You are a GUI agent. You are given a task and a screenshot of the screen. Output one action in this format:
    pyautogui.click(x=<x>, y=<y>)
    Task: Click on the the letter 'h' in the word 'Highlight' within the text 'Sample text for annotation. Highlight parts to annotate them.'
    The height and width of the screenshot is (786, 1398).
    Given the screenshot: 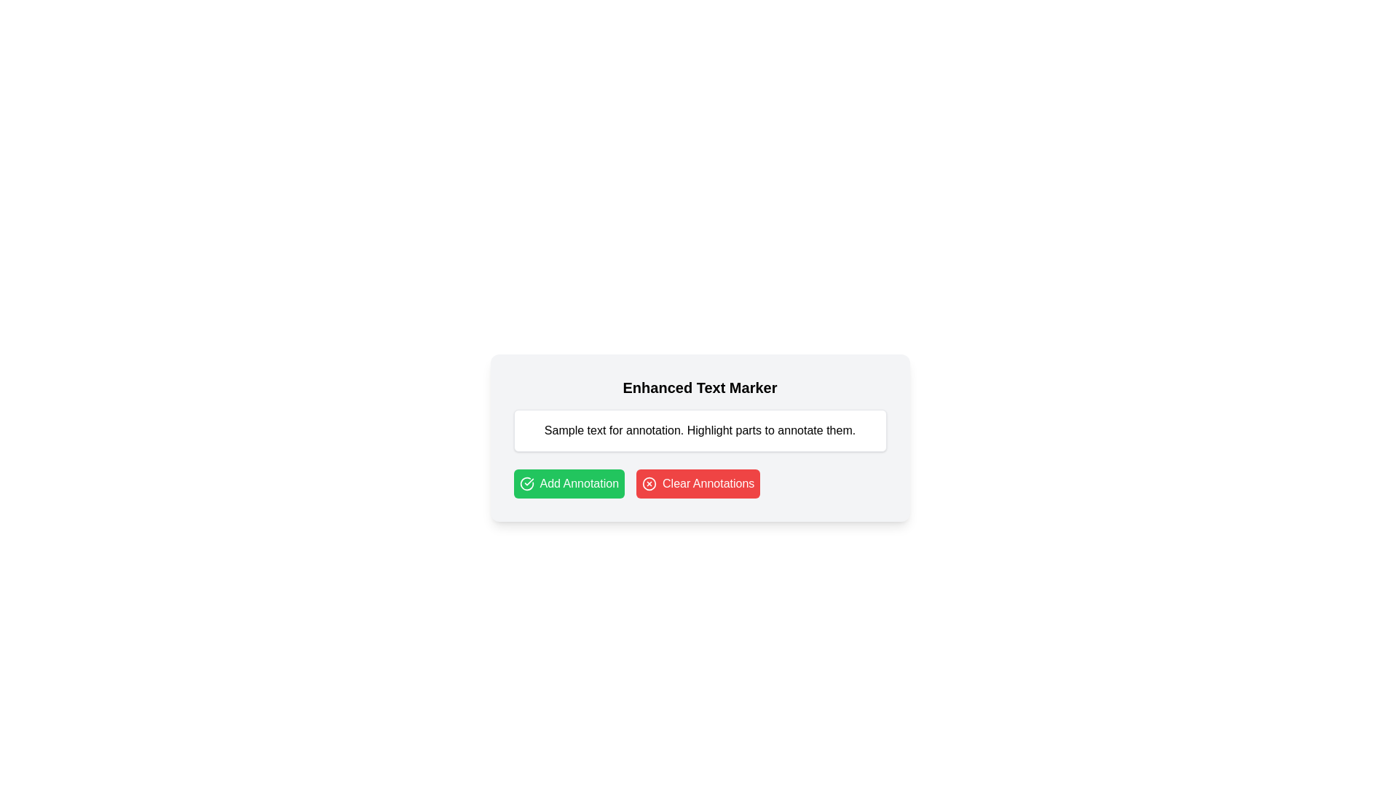 What is the action you would take?
    pyautogui.click(x=708, y=429)
    